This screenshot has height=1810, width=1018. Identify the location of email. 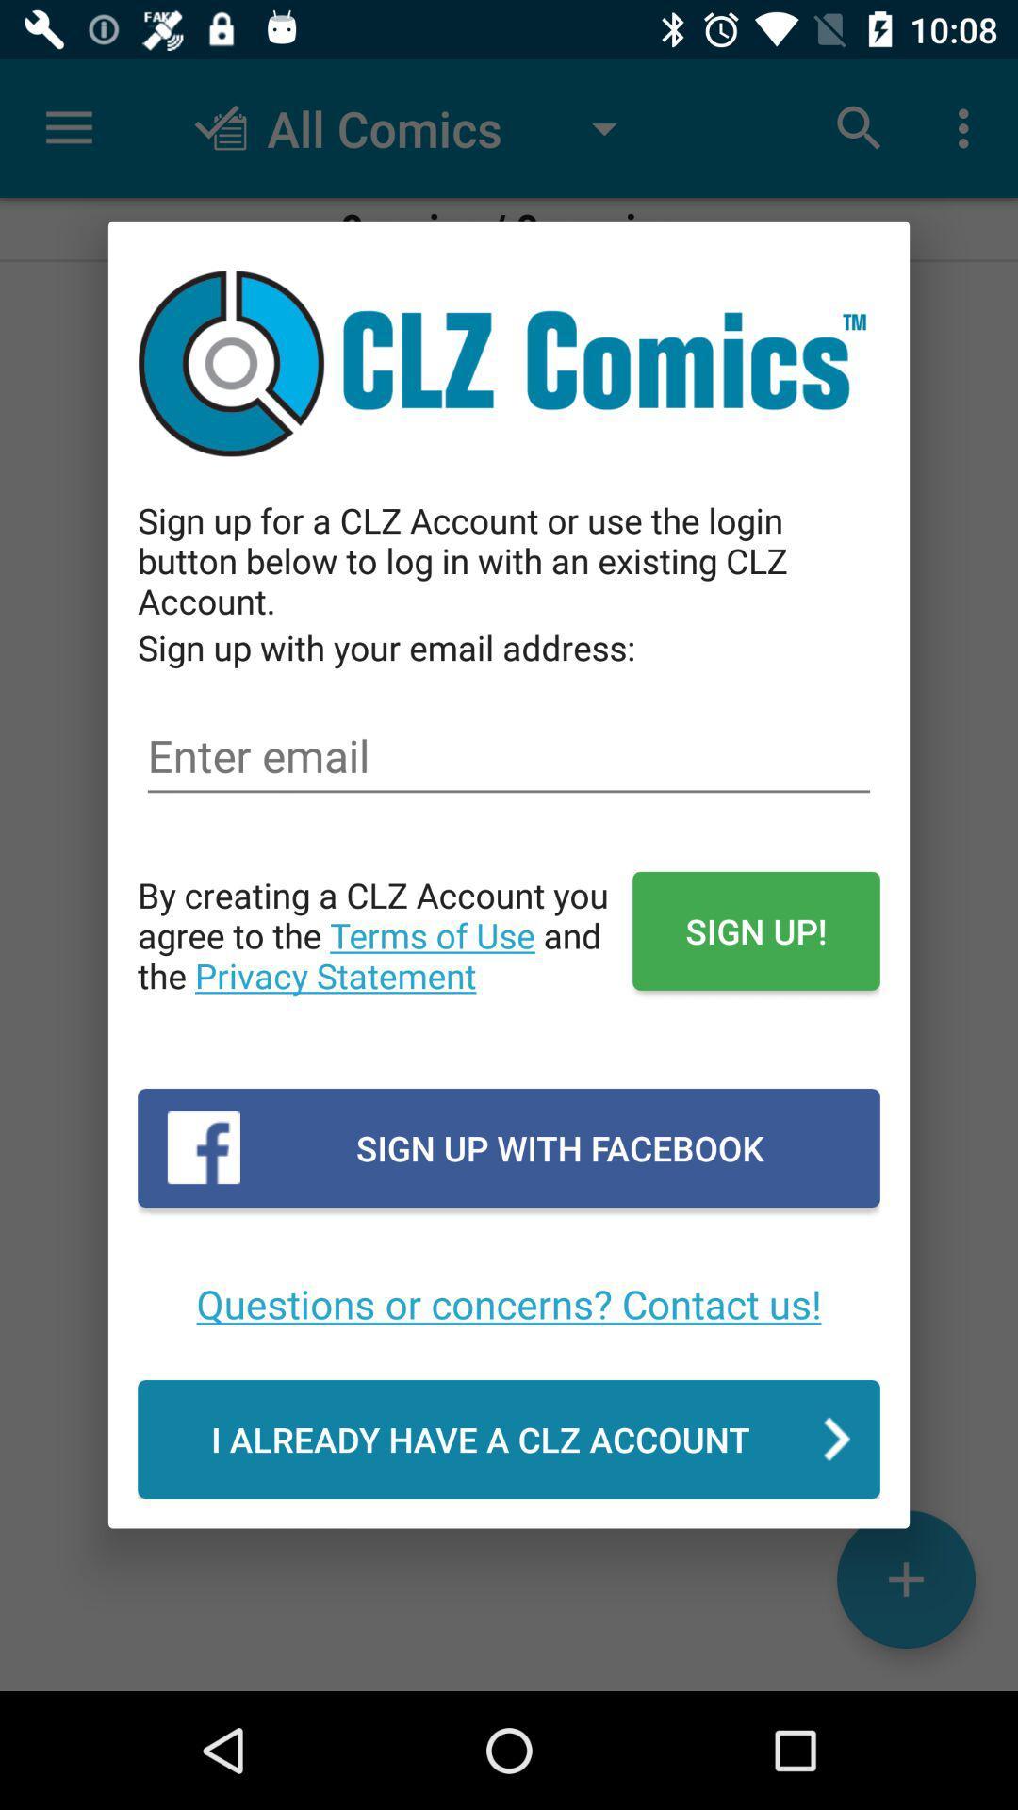
(509, 756).